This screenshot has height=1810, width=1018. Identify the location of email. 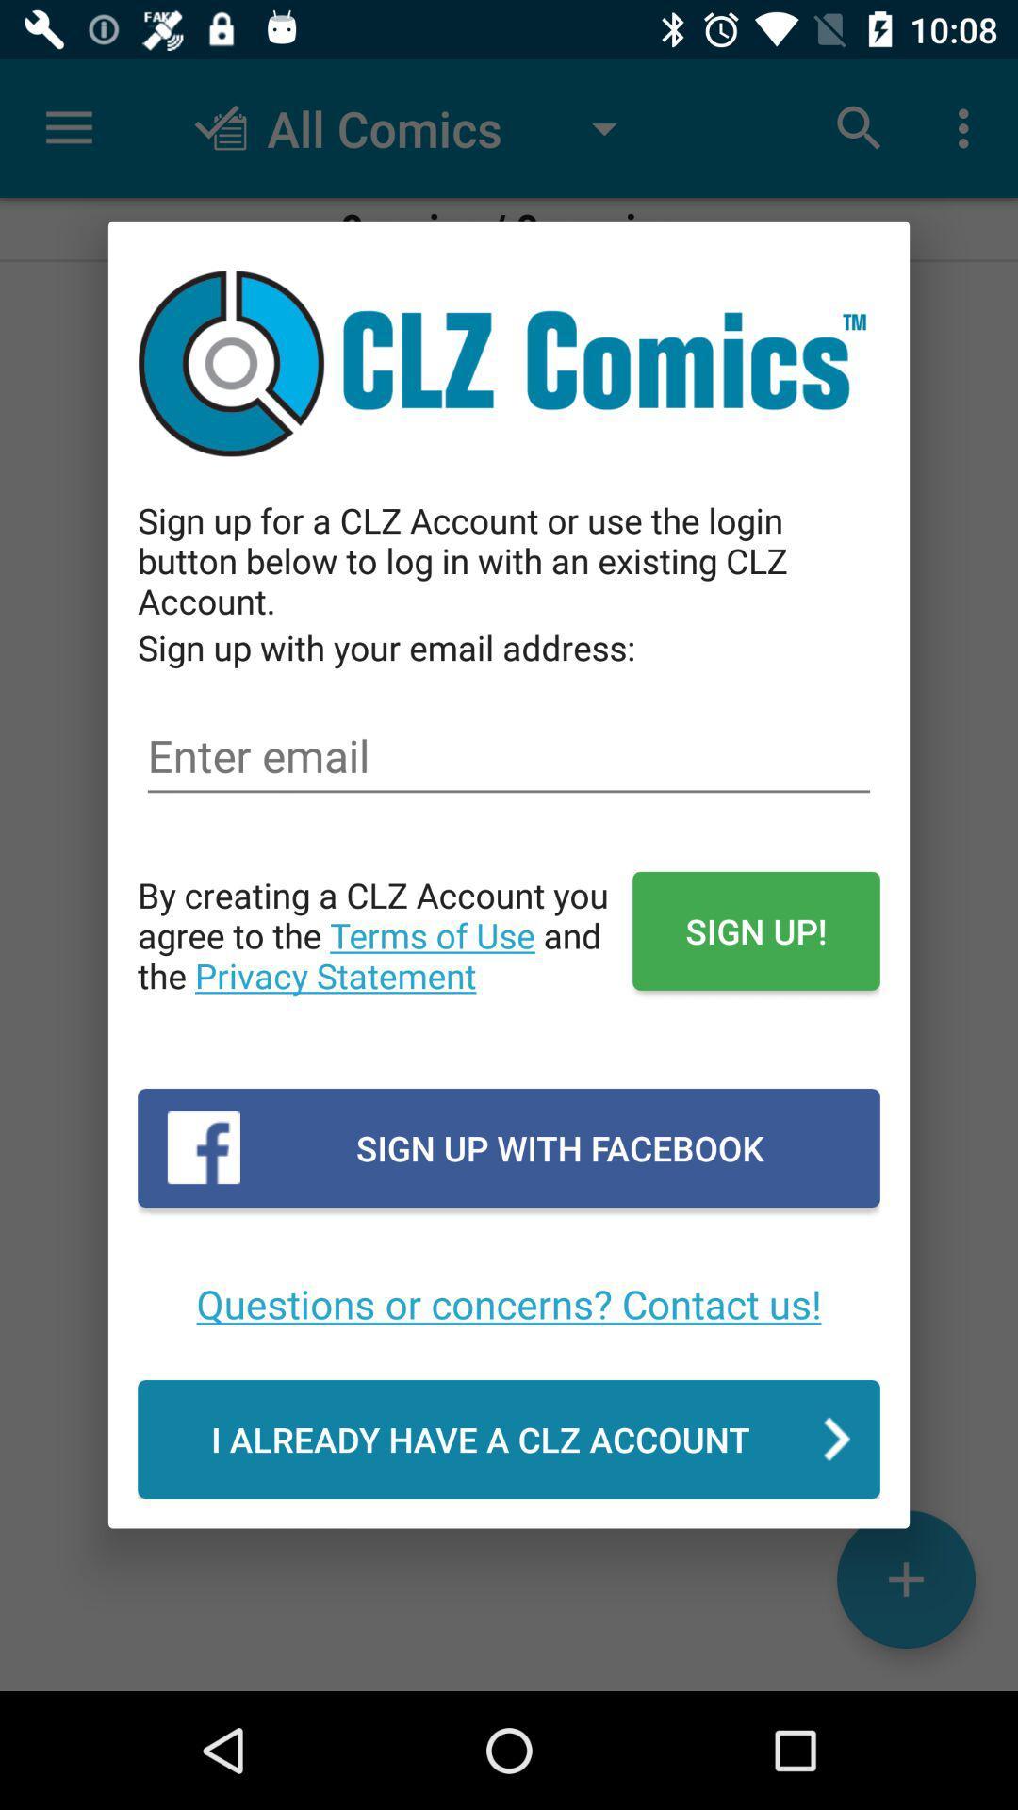
(509, 756).